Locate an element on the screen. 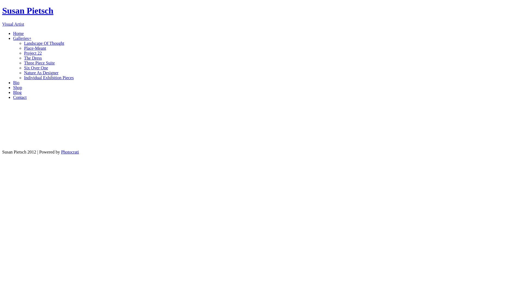 Image resolution: width=524 pixels, height=295 pixels. 'Project 22' is located at coordinates (23, 53).